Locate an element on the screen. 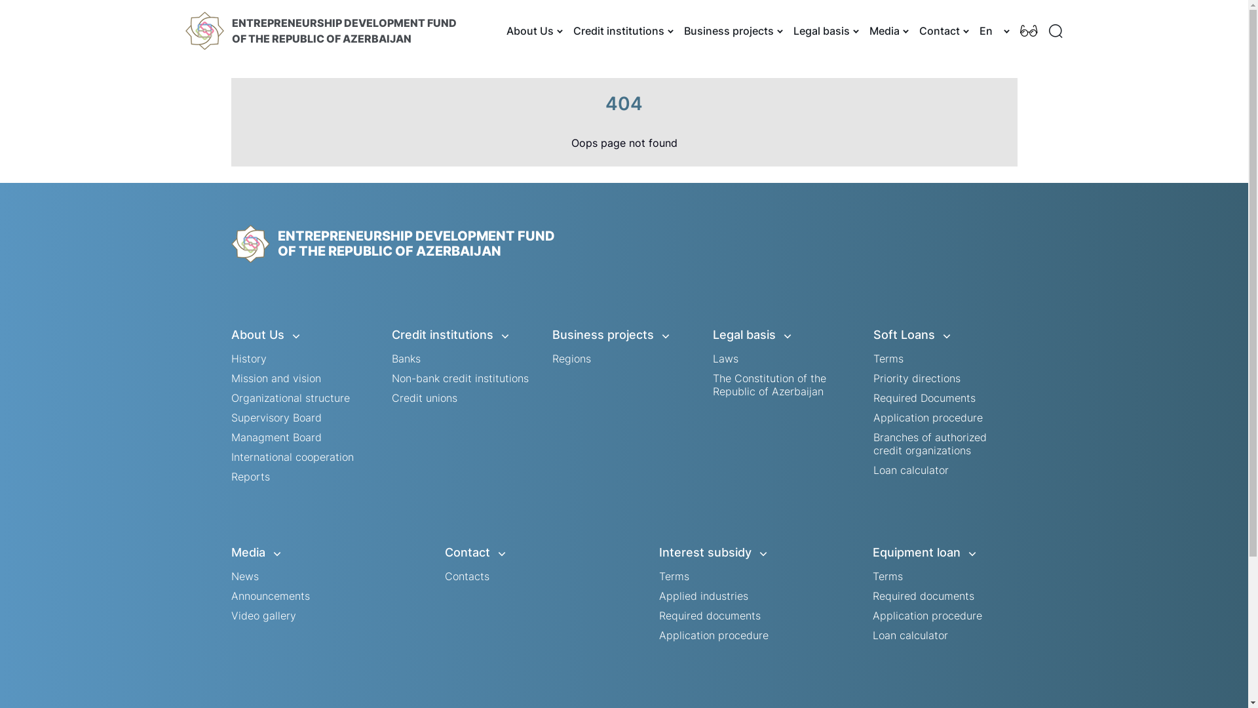 The height and width of the screenshot is (708, 1258). 'International cooperation' is located at coordinates (291, 456).